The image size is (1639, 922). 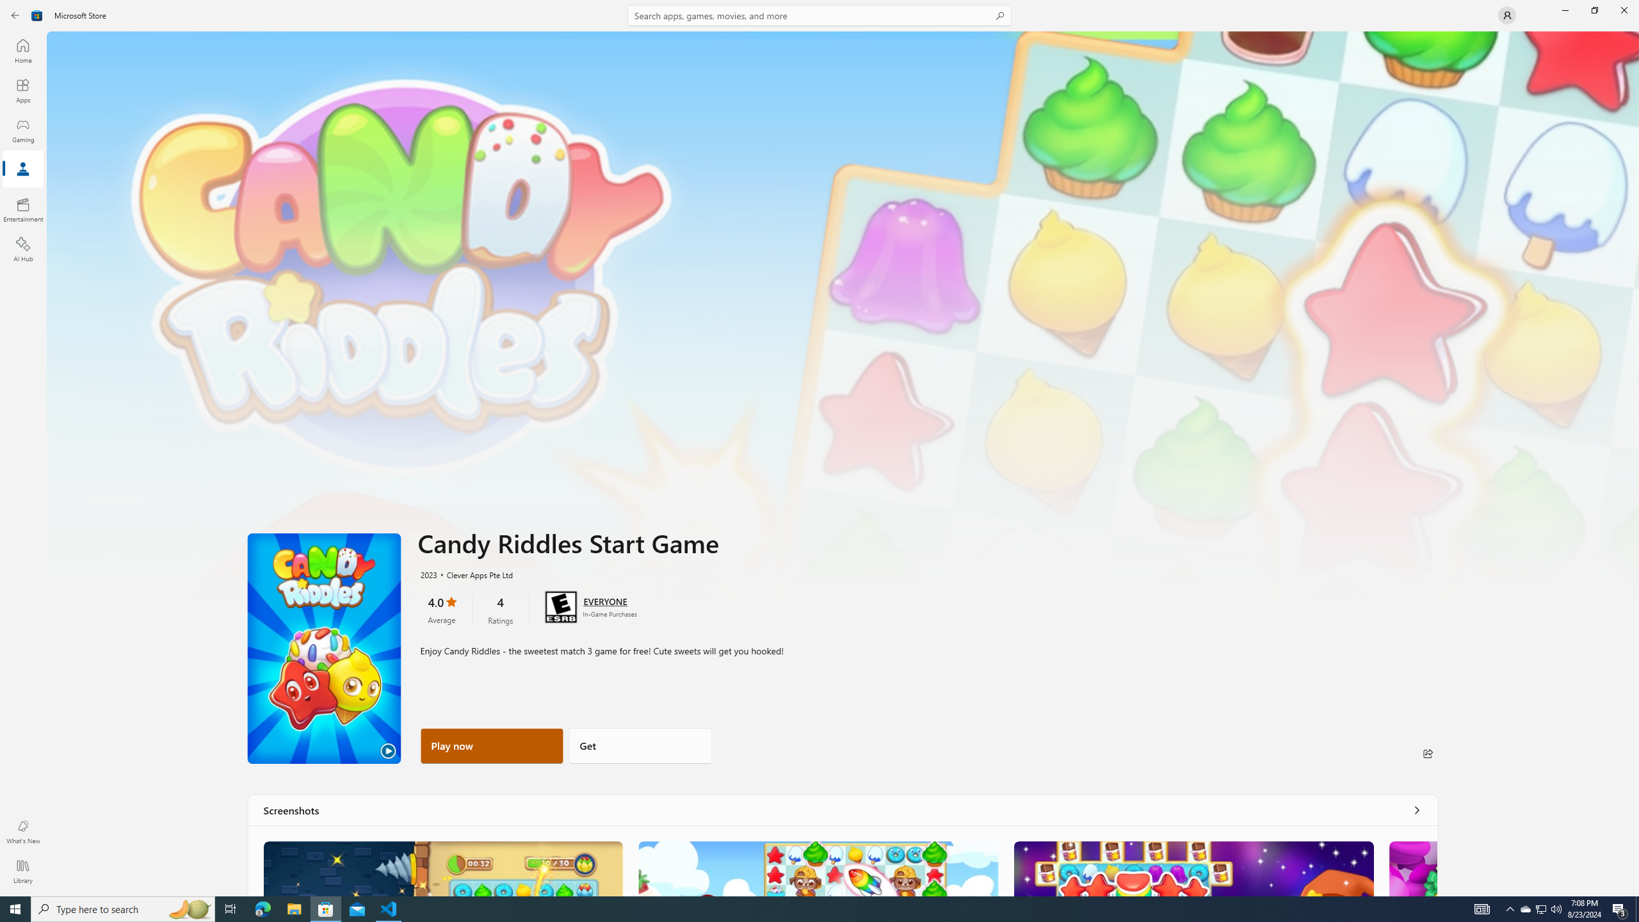 What do you see at coordinates (22, 871) in the screenshot?
I see `'Library'` at bounding box center [22, 871].